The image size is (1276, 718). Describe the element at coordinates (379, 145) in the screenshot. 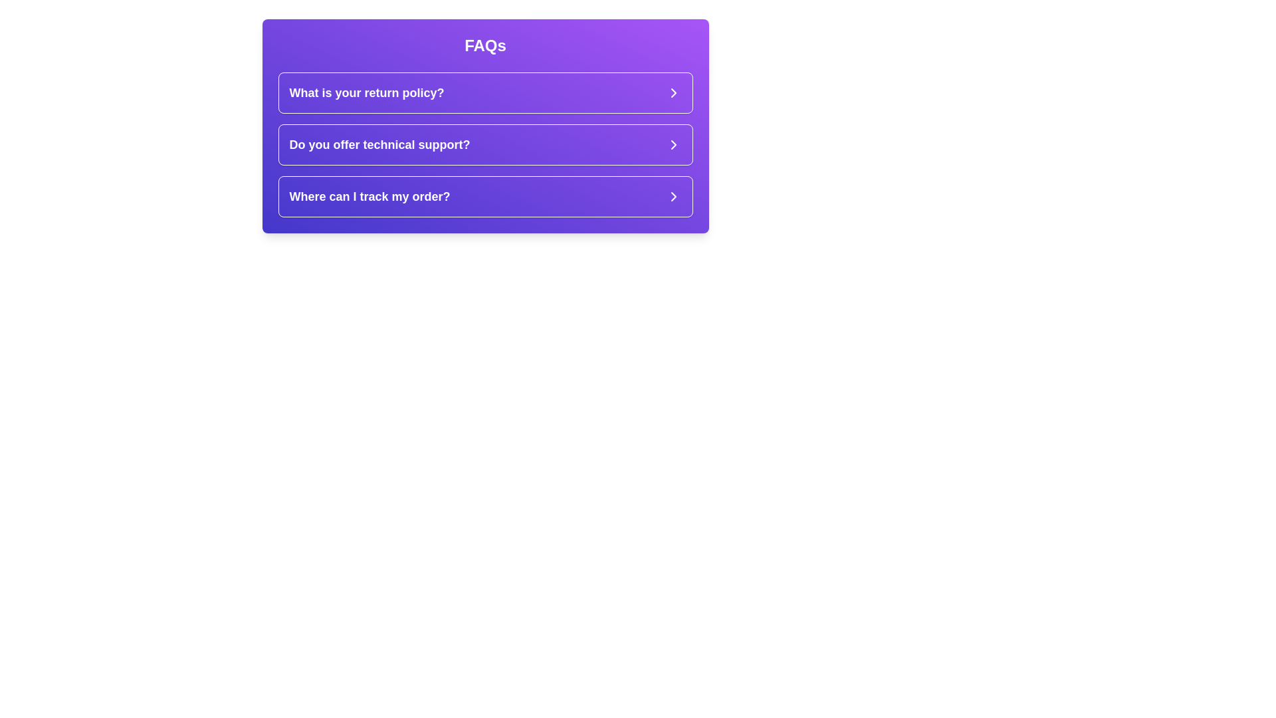

I see `the heading text in the second item of the FAQ section` at that location.